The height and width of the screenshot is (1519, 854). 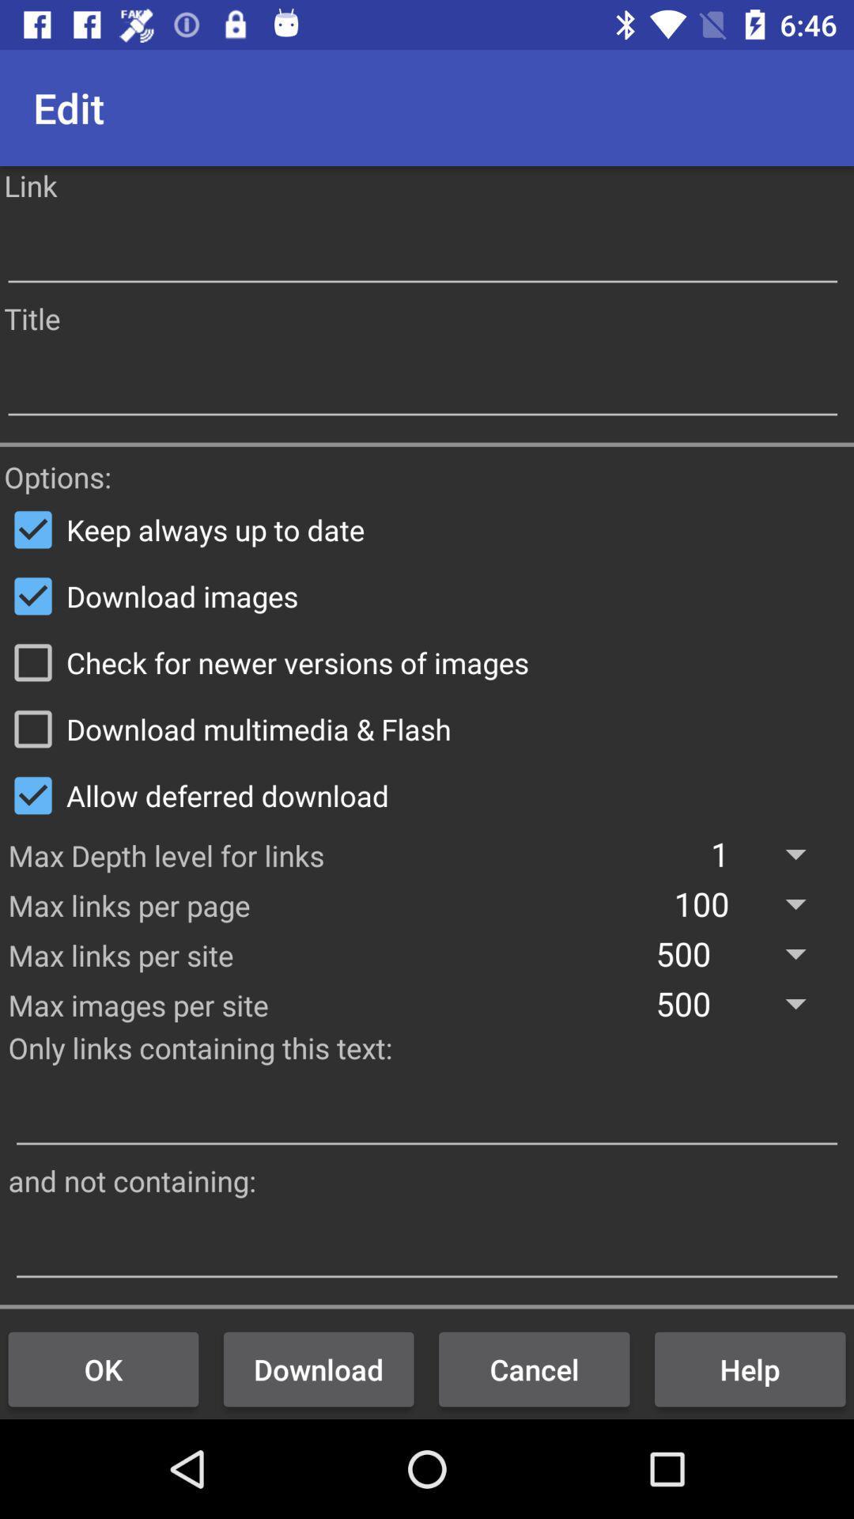 I want to click on icon above allow deferred download item, so click(x=427, y=728).